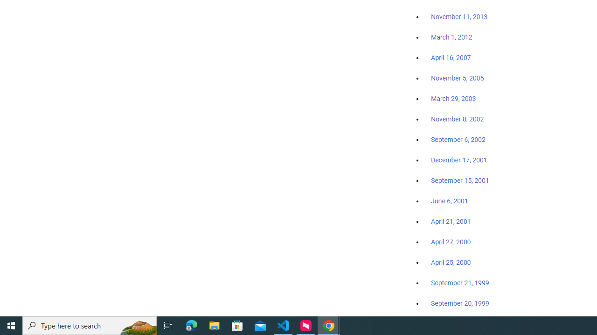 The image size is (597, 335). I want to click on 'September 15, 2001', so click(460, 180).